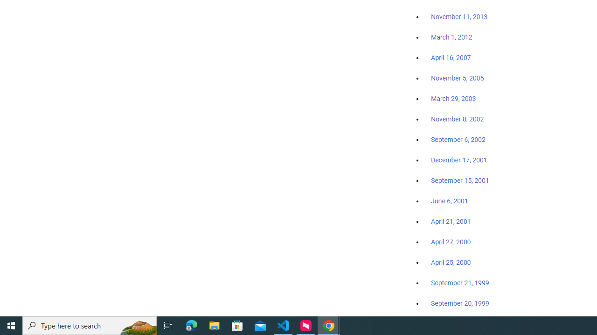 The image size is (597, 335). I want to click on 'September 15, 2001', so click(460, 180).